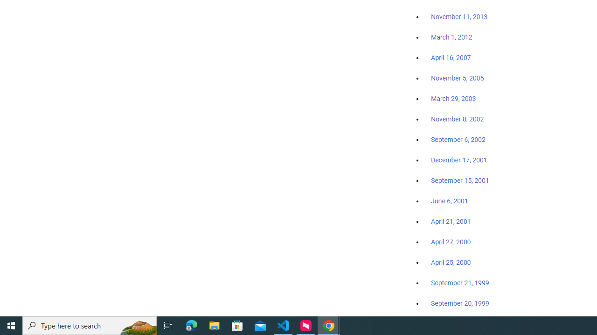 The image size is (597, 335). I want to click on 'September 15, 2001', so click(460, 180).